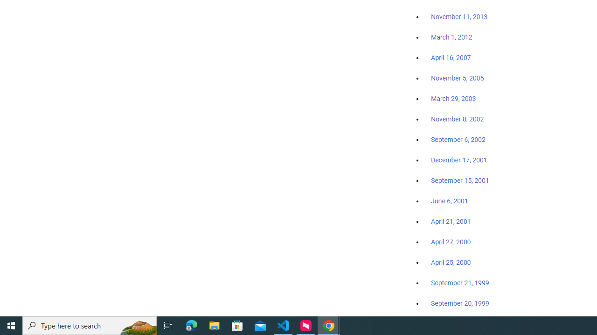 The image size is (597, 335). I want to click on 'September 15, 2001', so click(460, 180).